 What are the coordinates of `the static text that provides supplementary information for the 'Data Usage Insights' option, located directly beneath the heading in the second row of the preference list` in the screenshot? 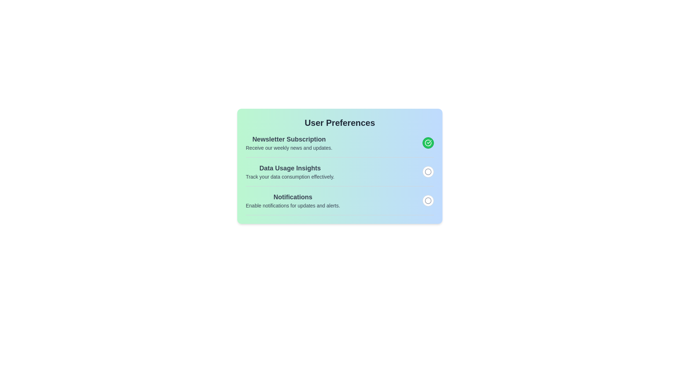 It's located at (290, 176).